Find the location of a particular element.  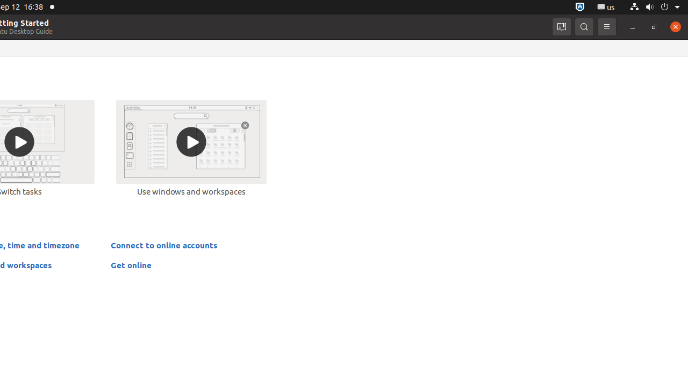

'Minimize' is located at coordinates (632, 26).